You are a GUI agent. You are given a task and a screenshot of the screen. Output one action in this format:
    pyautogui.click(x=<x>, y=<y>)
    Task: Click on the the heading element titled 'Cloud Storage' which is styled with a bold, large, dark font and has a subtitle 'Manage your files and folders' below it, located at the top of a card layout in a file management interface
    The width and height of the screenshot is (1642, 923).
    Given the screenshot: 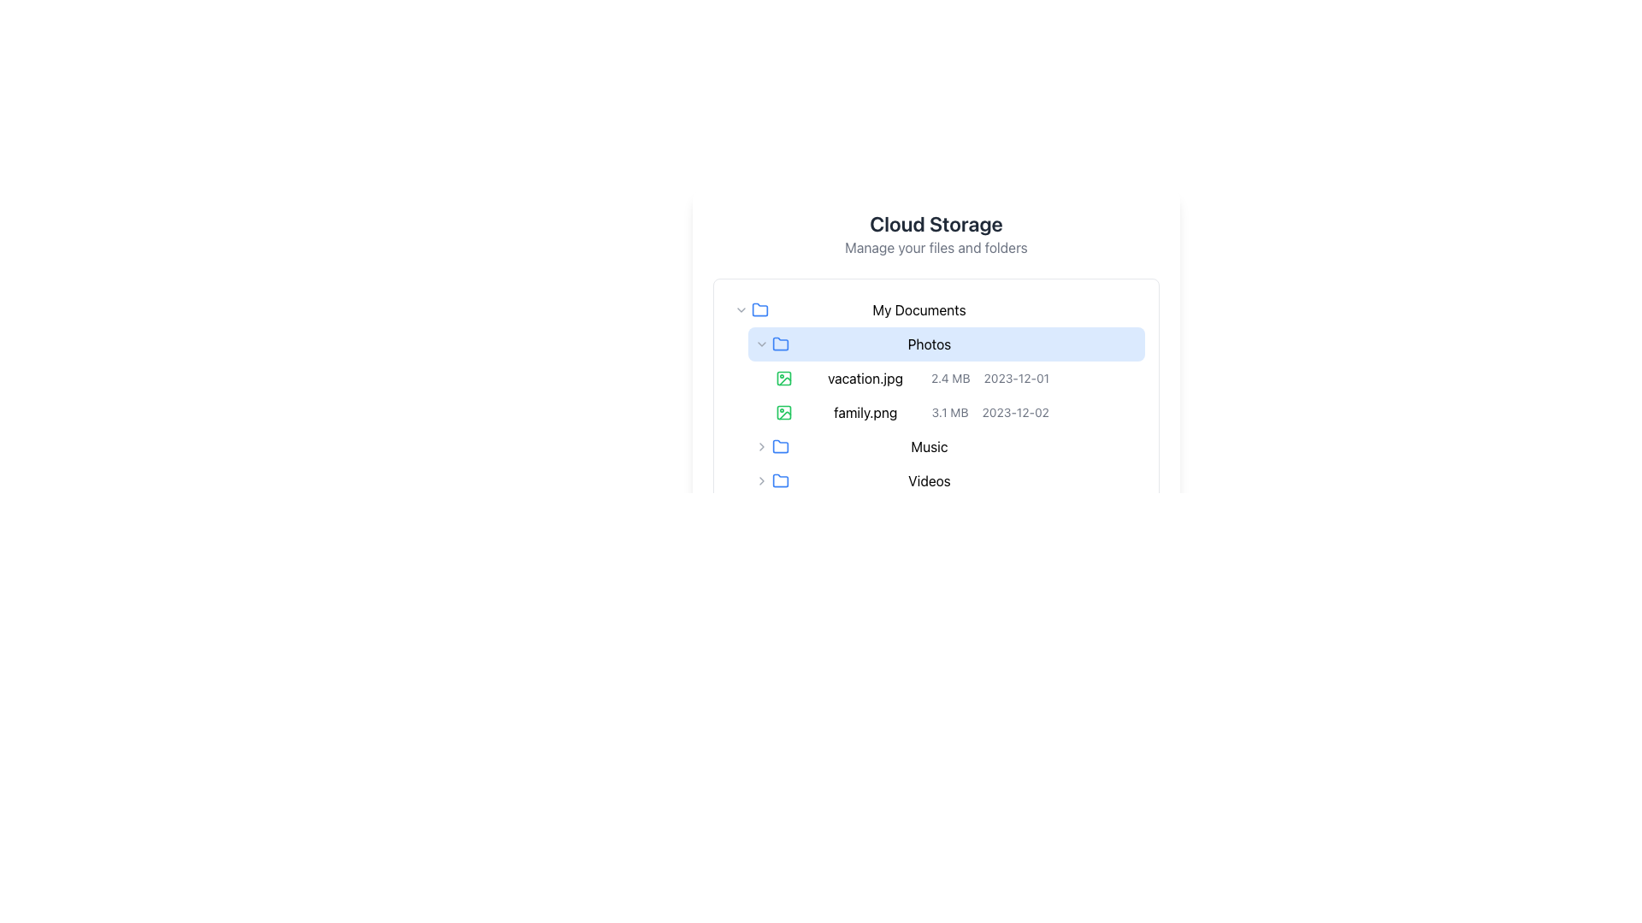 What is the action you would take?
    pyautogui.click(x=935, y=233)
    